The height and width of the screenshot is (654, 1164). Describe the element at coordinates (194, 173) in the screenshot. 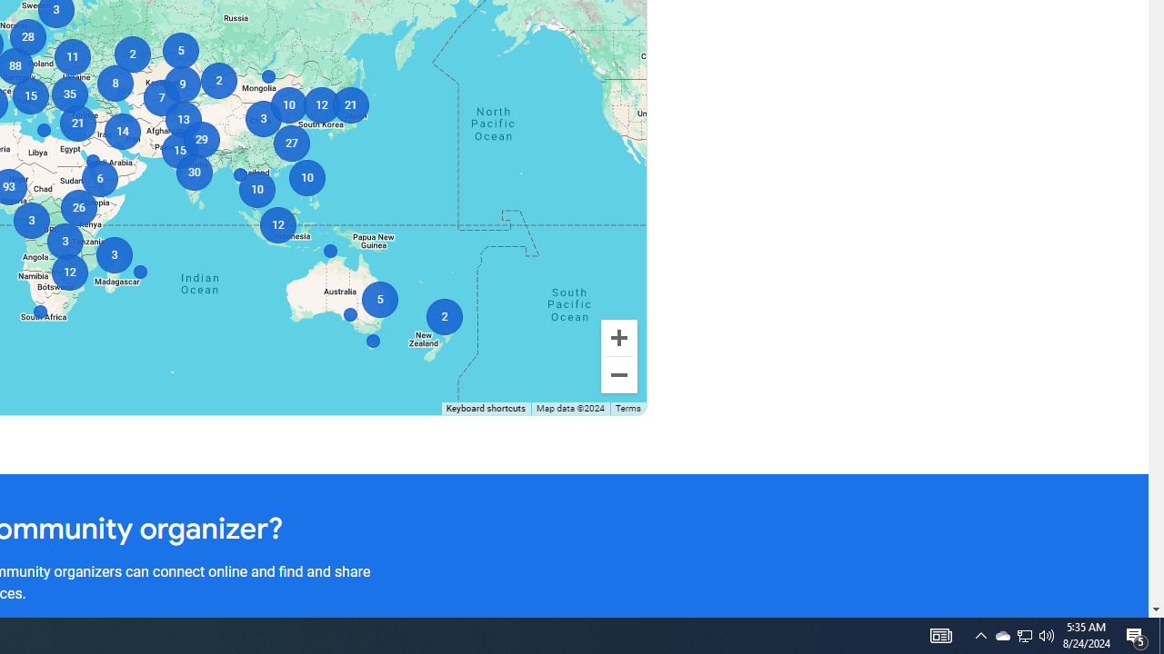

I see `'30'` at that location.